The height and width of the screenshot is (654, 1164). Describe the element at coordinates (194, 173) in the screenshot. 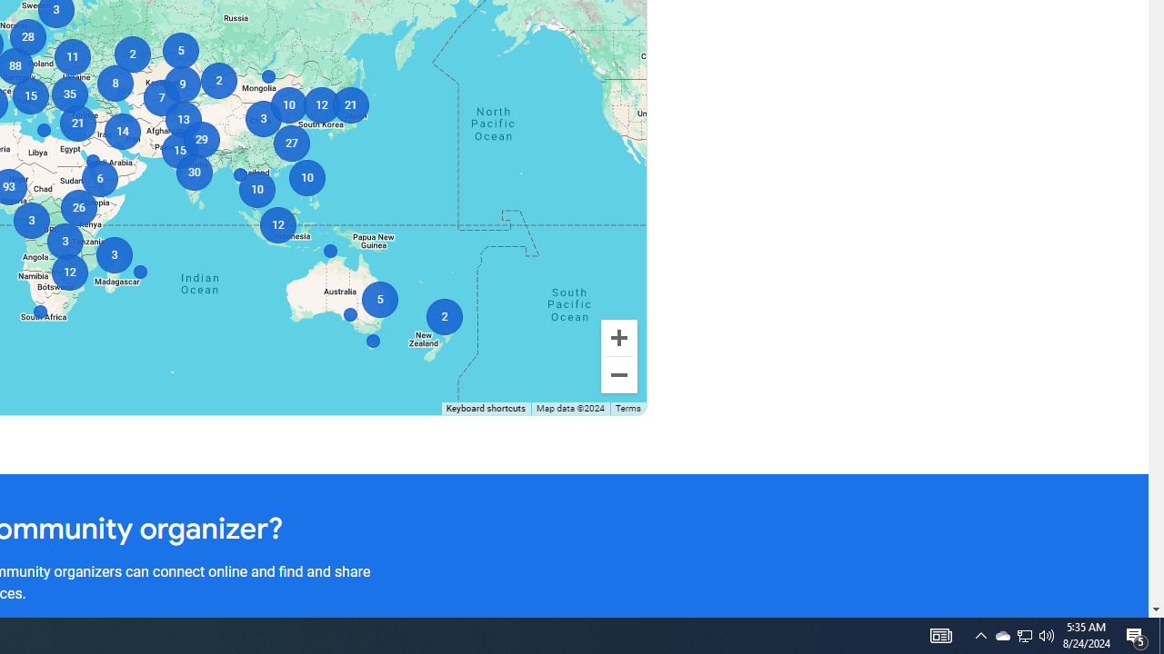

I see `'30'` at that location.